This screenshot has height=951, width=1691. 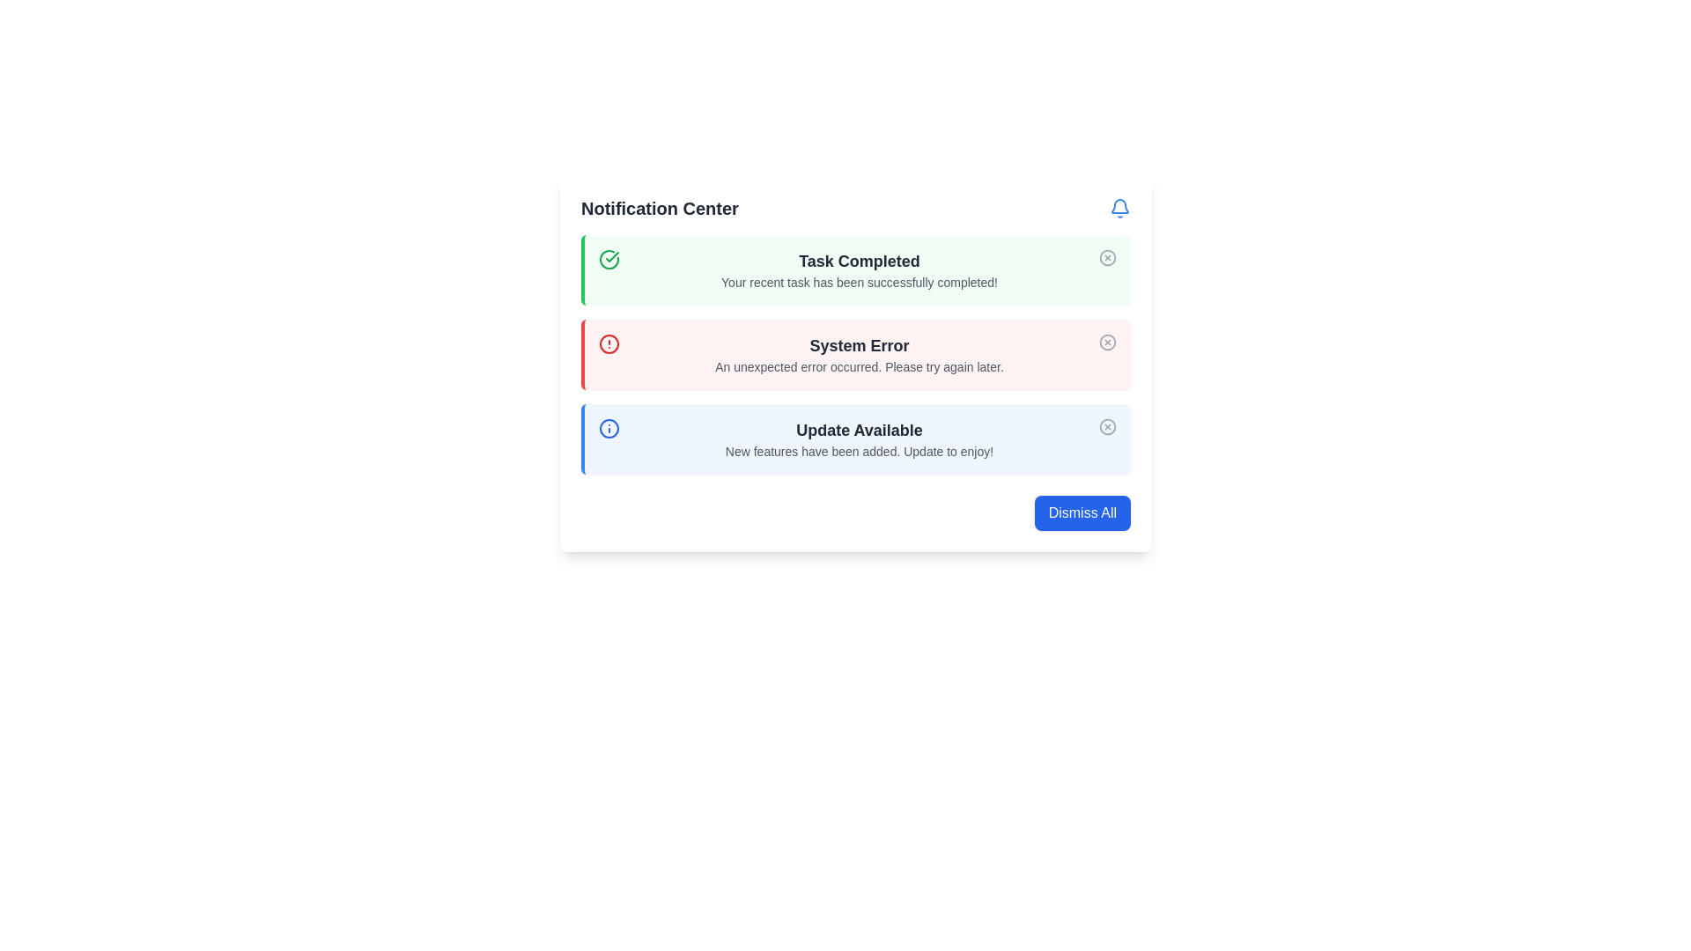 What do you see at coordinates (1106, 343) in the screenshot?
I see `the dismiss button on the right side of the 'System Error' notification` at bounding box center [1106, 343].